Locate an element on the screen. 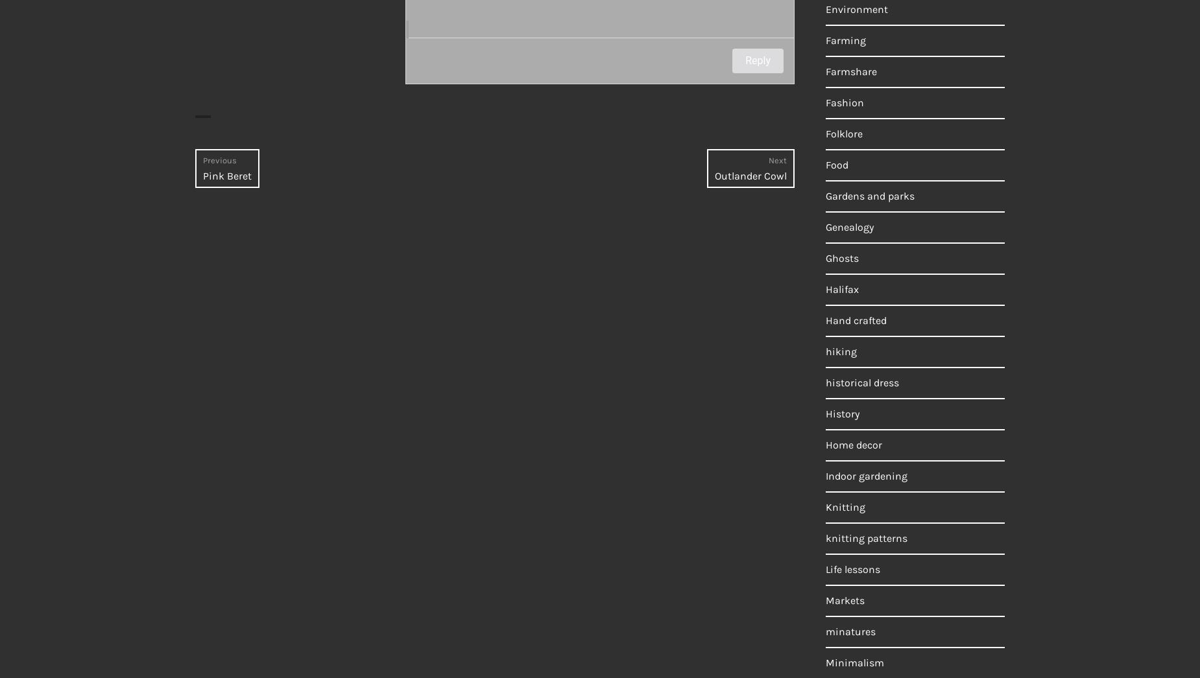 The image size is (1200, 678). 'Outlander Cowl' is located at coordinates (750, 176).